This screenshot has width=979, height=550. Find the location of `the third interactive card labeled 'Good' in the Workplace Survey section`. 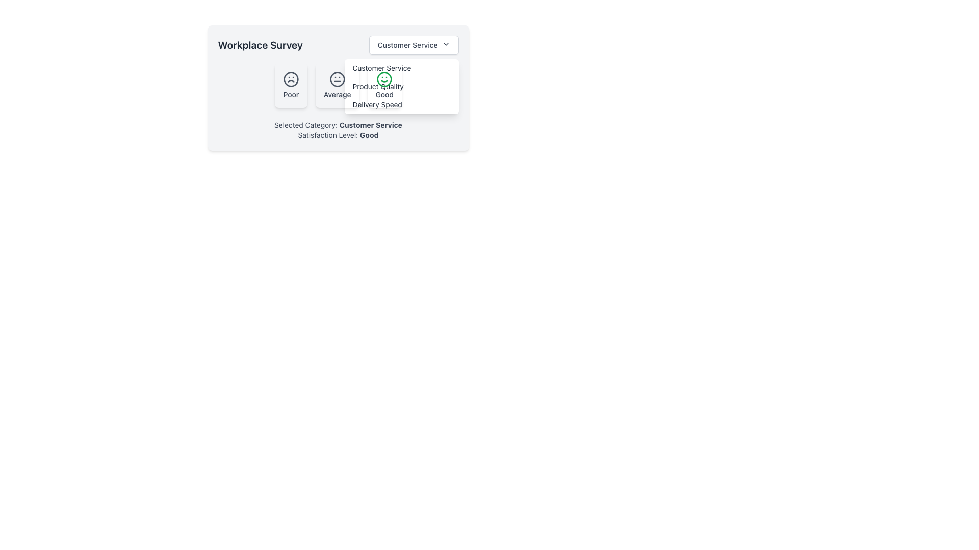

the third interactive card labeled 'Good' in the Workplace Survey section is located at coordinates (384, 85).